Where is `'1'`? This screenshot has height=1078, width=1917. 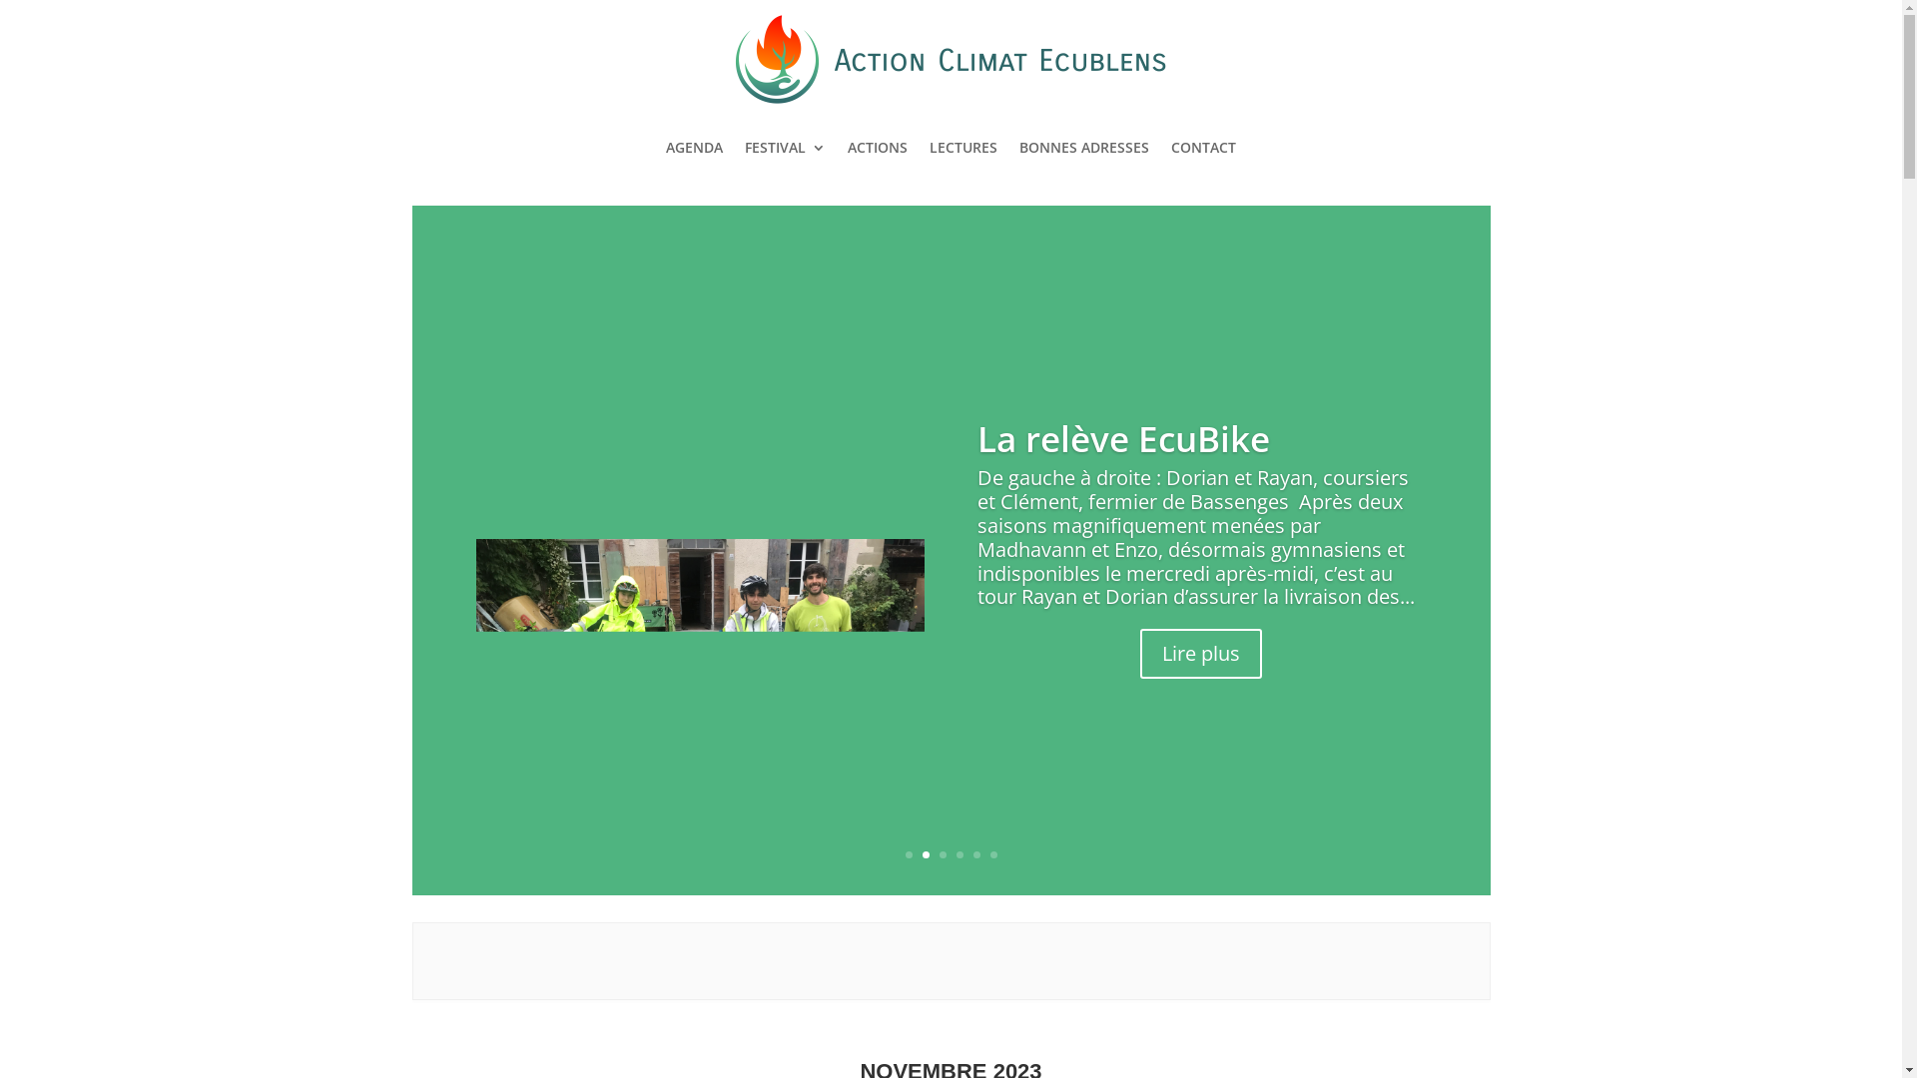
'1' is located at coordinates (907, 853).